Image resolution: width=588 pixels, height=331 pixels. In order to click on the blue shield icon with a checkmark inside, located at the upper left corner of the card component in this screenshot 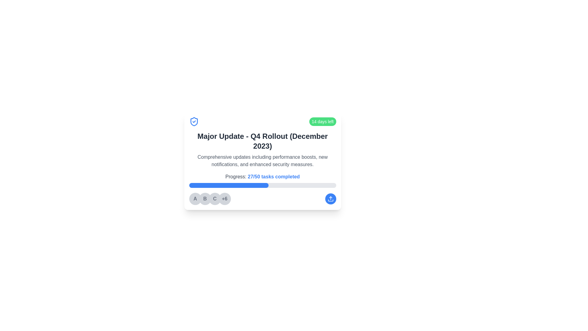, I will do `click(194, 122)`.